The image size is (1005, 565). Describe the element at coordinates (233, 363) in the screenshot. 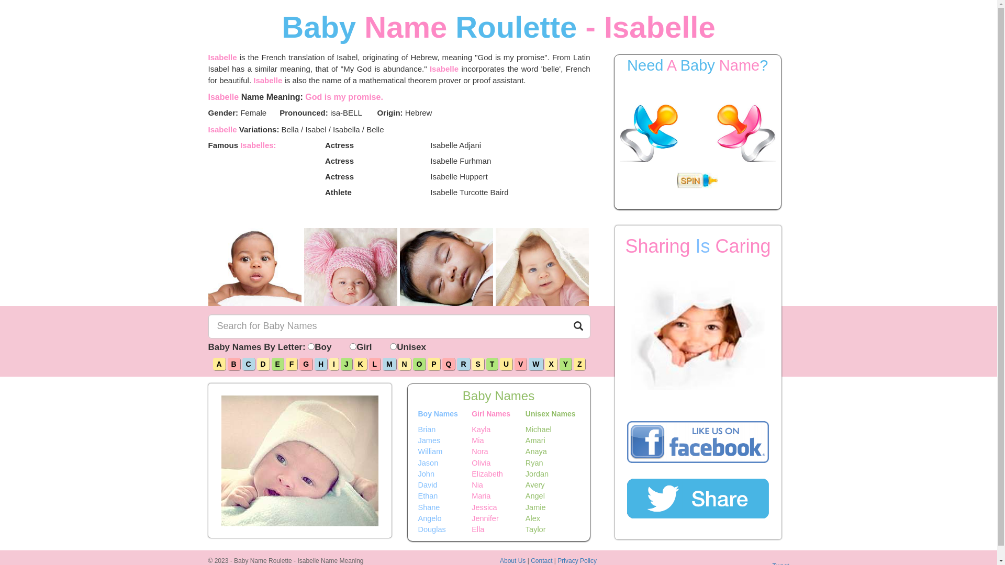

I see `'B'` at that location.